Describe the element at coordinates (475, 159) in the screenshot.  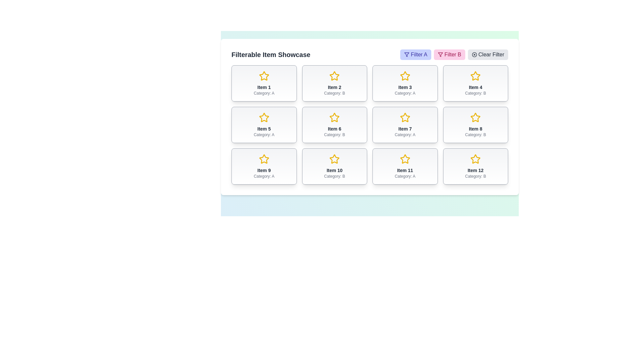
I see `the star icon representing the rating or status for 'Item 12, Category B', located at the top-central area of the card` at that location.